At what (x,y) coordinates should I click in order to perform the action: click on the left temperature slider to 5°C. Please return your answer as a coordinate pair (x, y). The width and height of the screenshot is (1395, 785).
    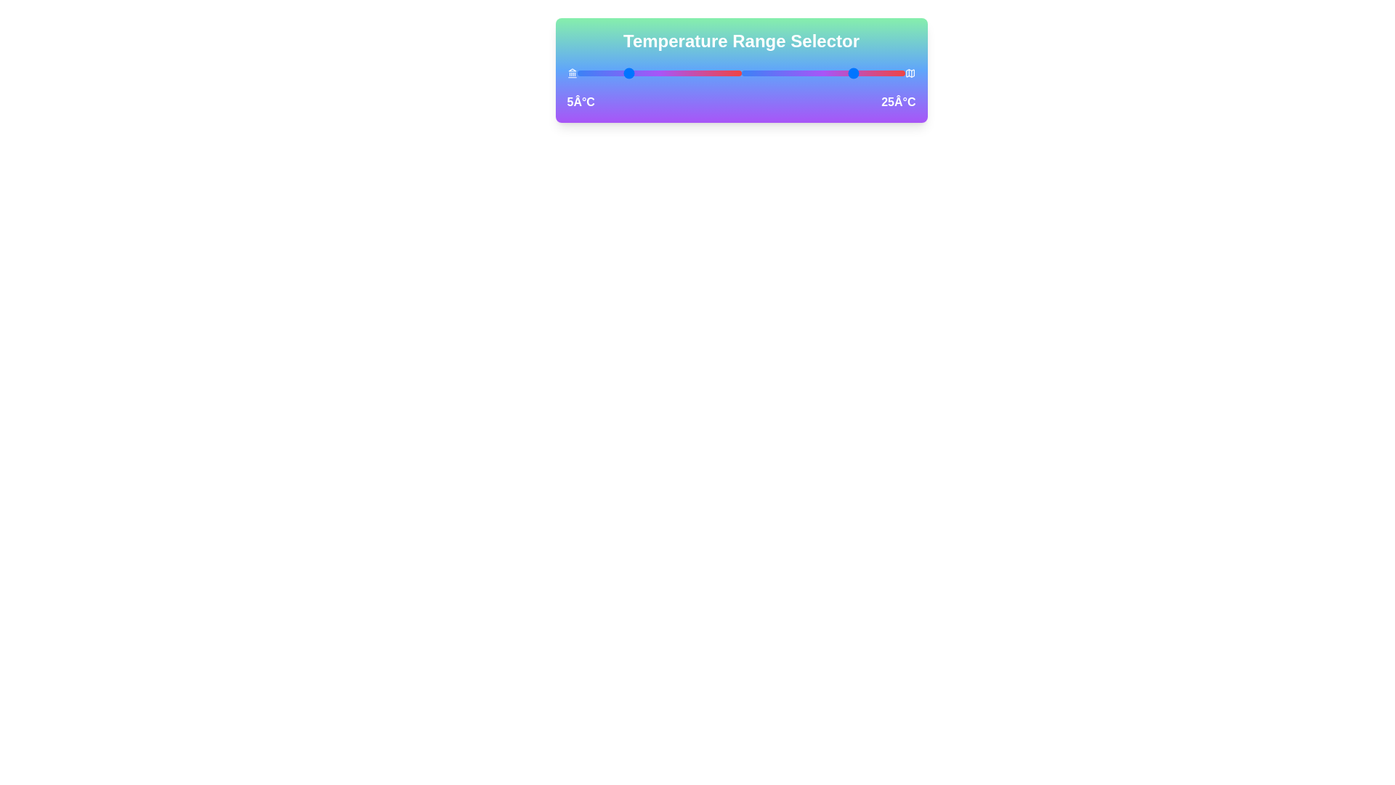
    Looking at the image, I should click on (626, 73).